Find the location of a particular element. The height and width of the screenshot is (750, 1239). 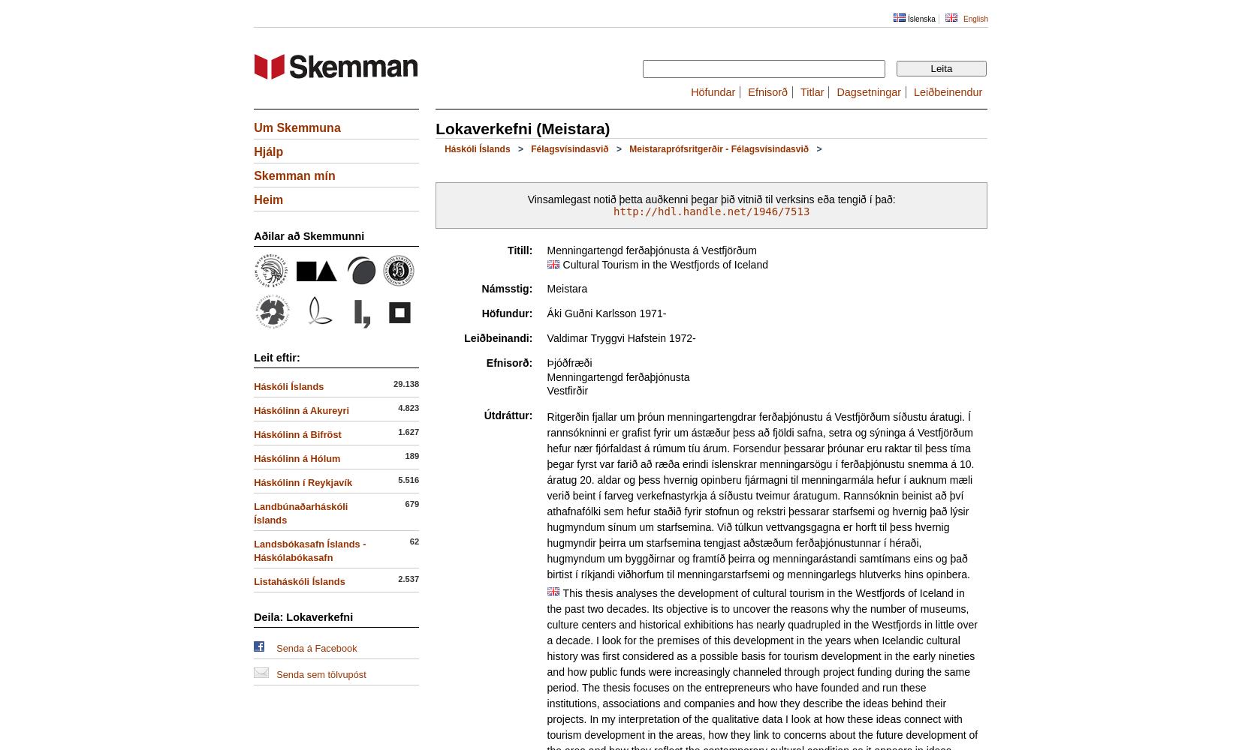

'2.537' is located at coordinates (408, 579).